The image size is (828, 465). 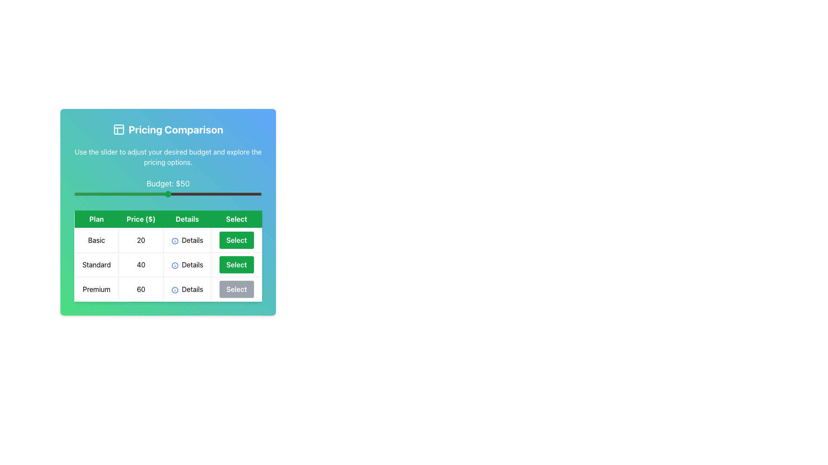 What do you see at coordinates (239, 194) in the screenshot?
I see `the budget` at bounding box center [239, 194].